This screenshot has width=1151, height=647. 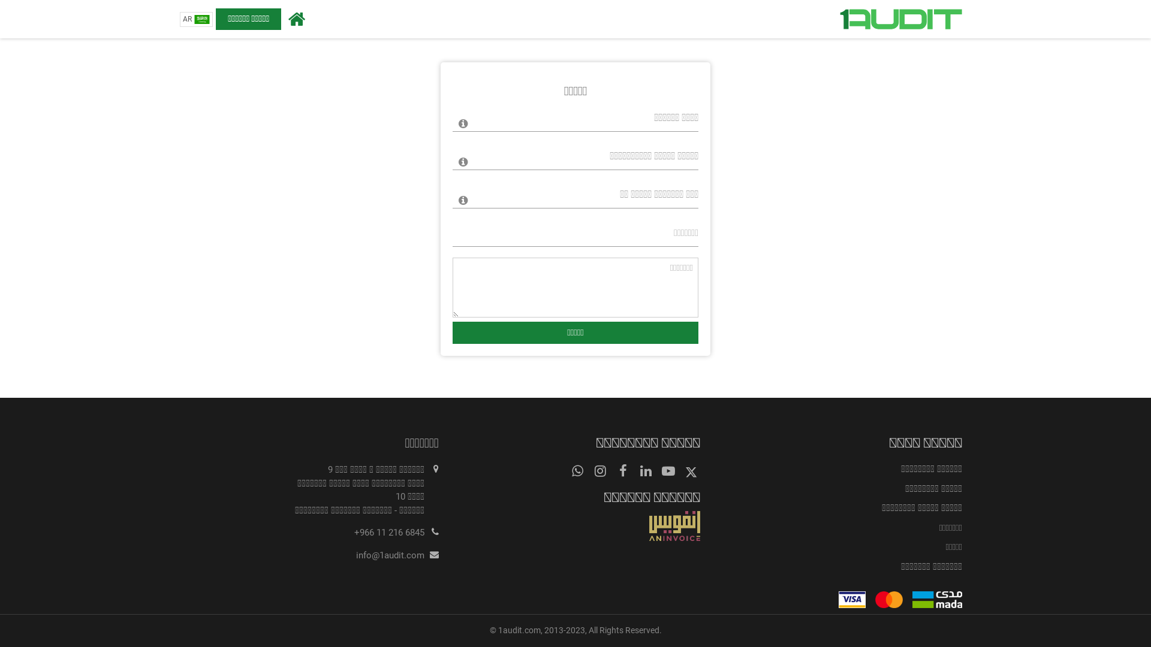 What do you see at coordinates (667, 470) in the screenshot?
I see `'YouTube'` at bounding box center [667, 470].